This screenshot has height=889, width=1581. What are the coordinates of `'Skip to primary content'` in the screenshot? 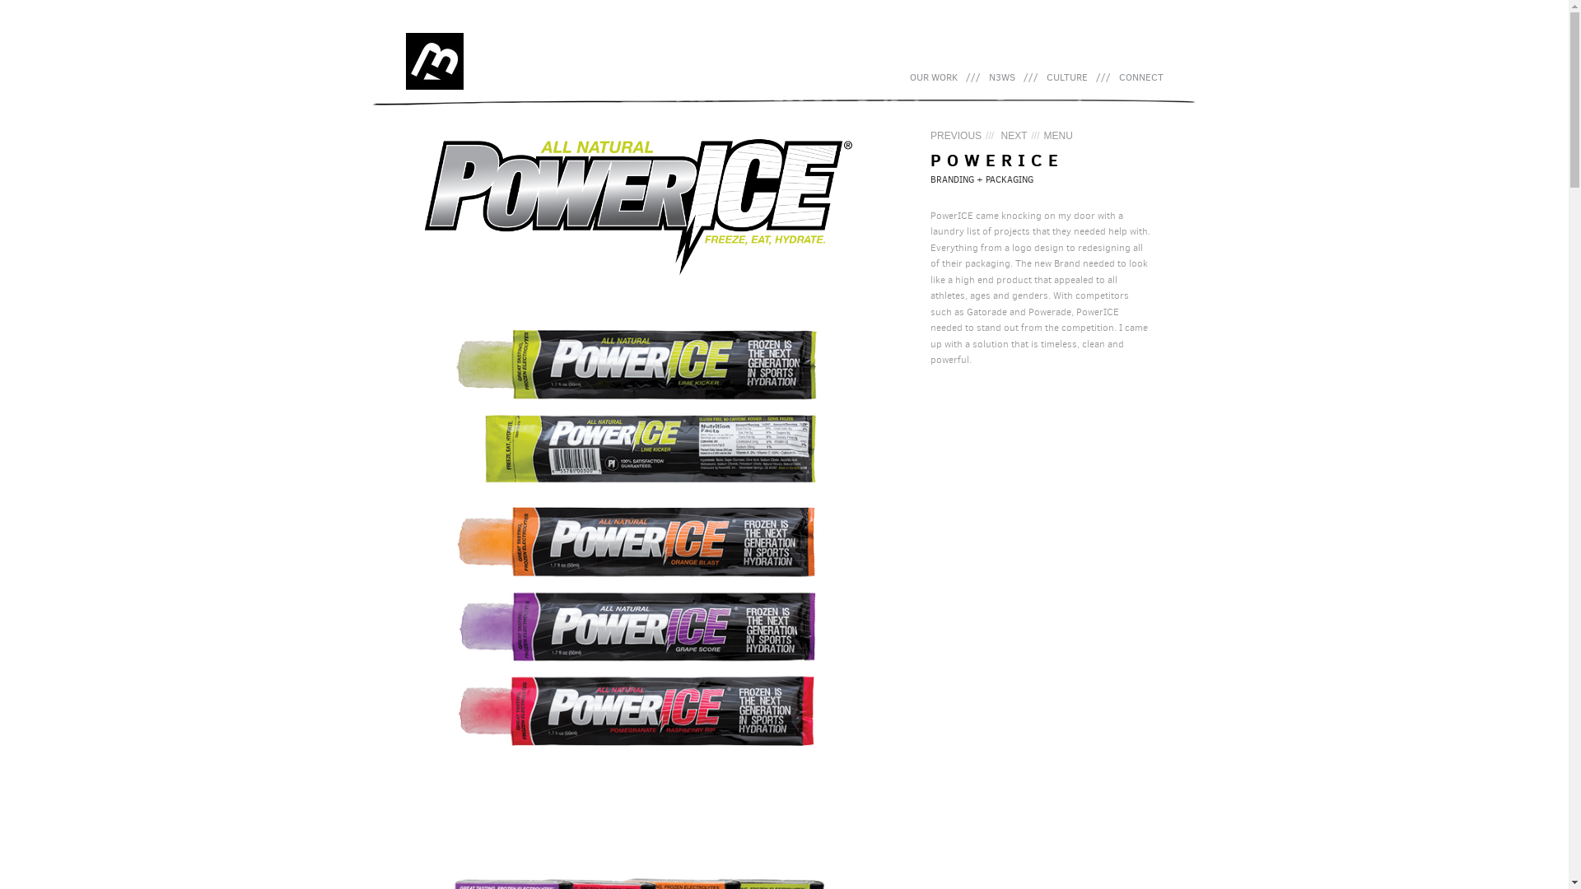 It's located at (969, 78).